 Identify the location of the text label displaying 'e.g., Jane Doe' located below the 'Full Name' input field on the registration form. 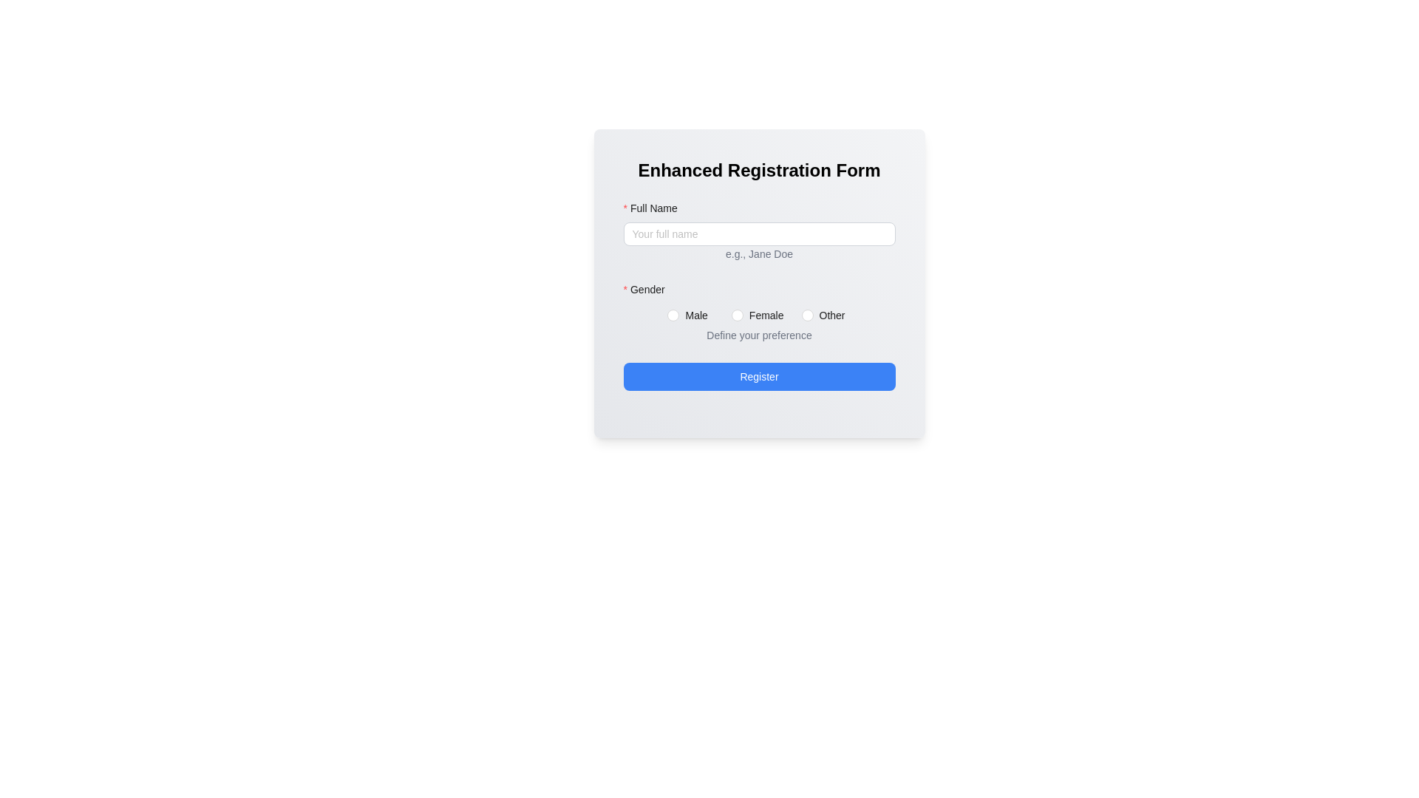
(759, 253).